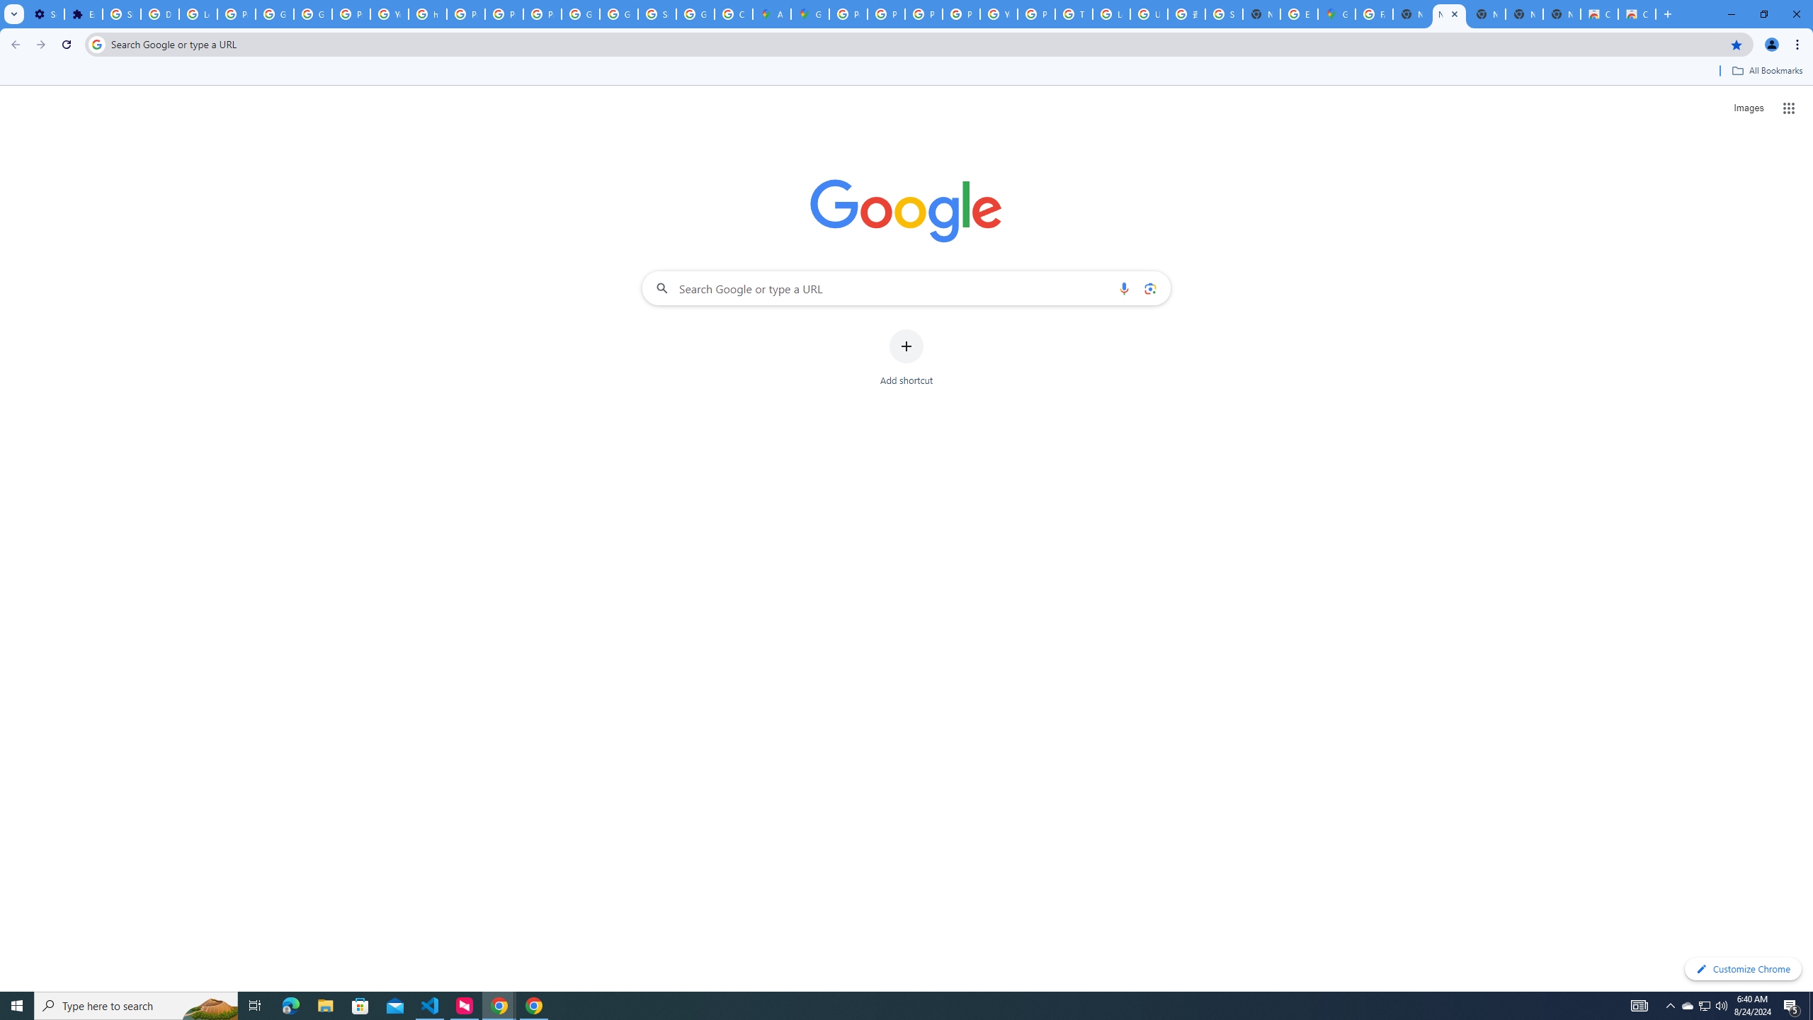  I want to click on 'Extensions', so click(83, 13).